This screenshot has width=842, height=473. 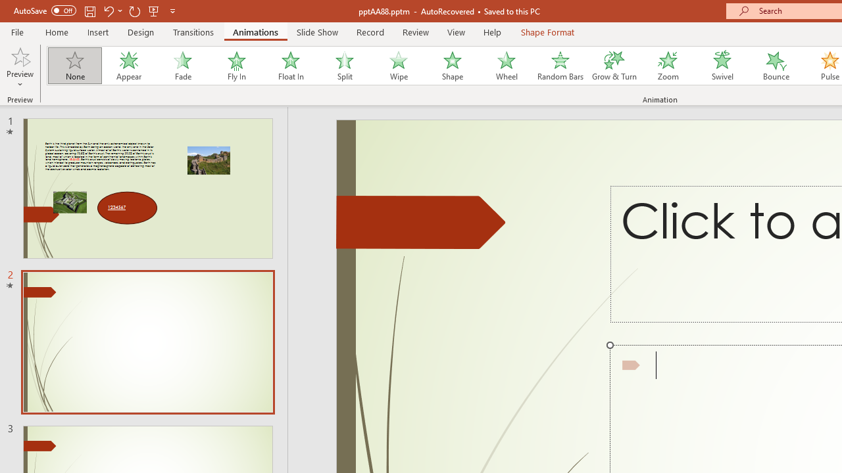 I want to click on 'Swivel', so click(x=722, y=66).